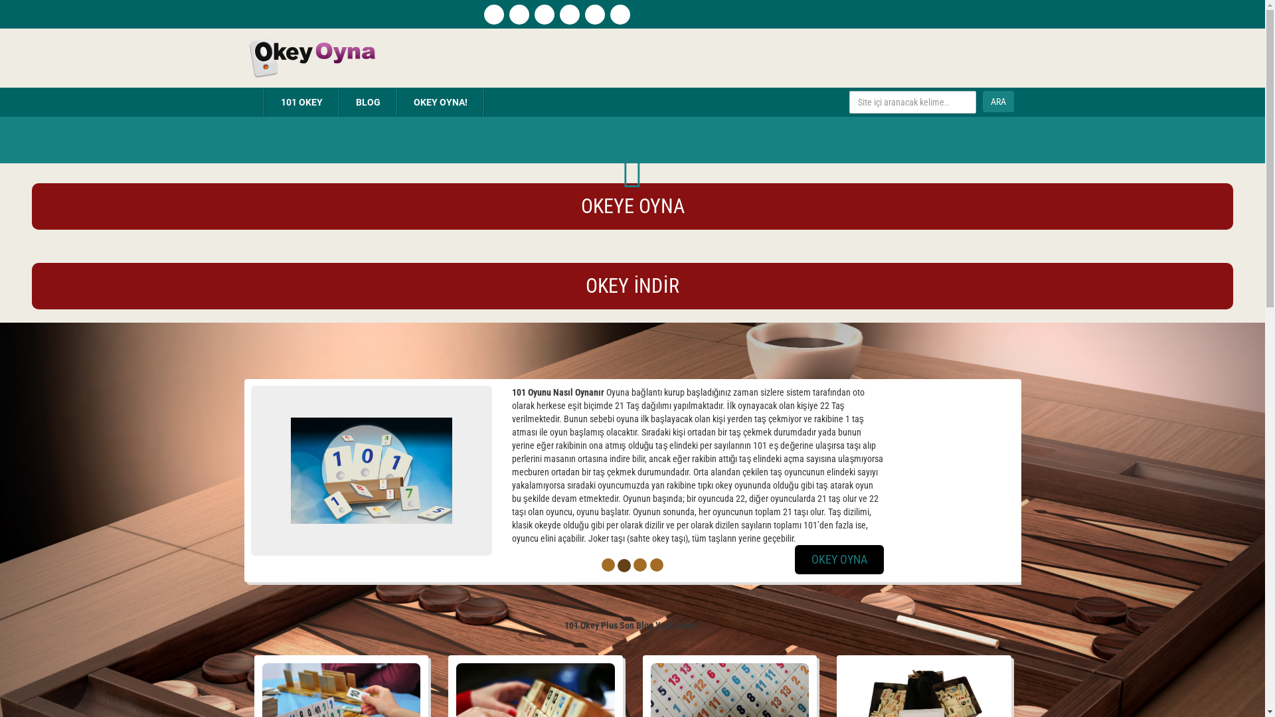  Describe the element at coordinates (310, 56) in the screenshot. I see `'101 Okey Oyna'` at that location.